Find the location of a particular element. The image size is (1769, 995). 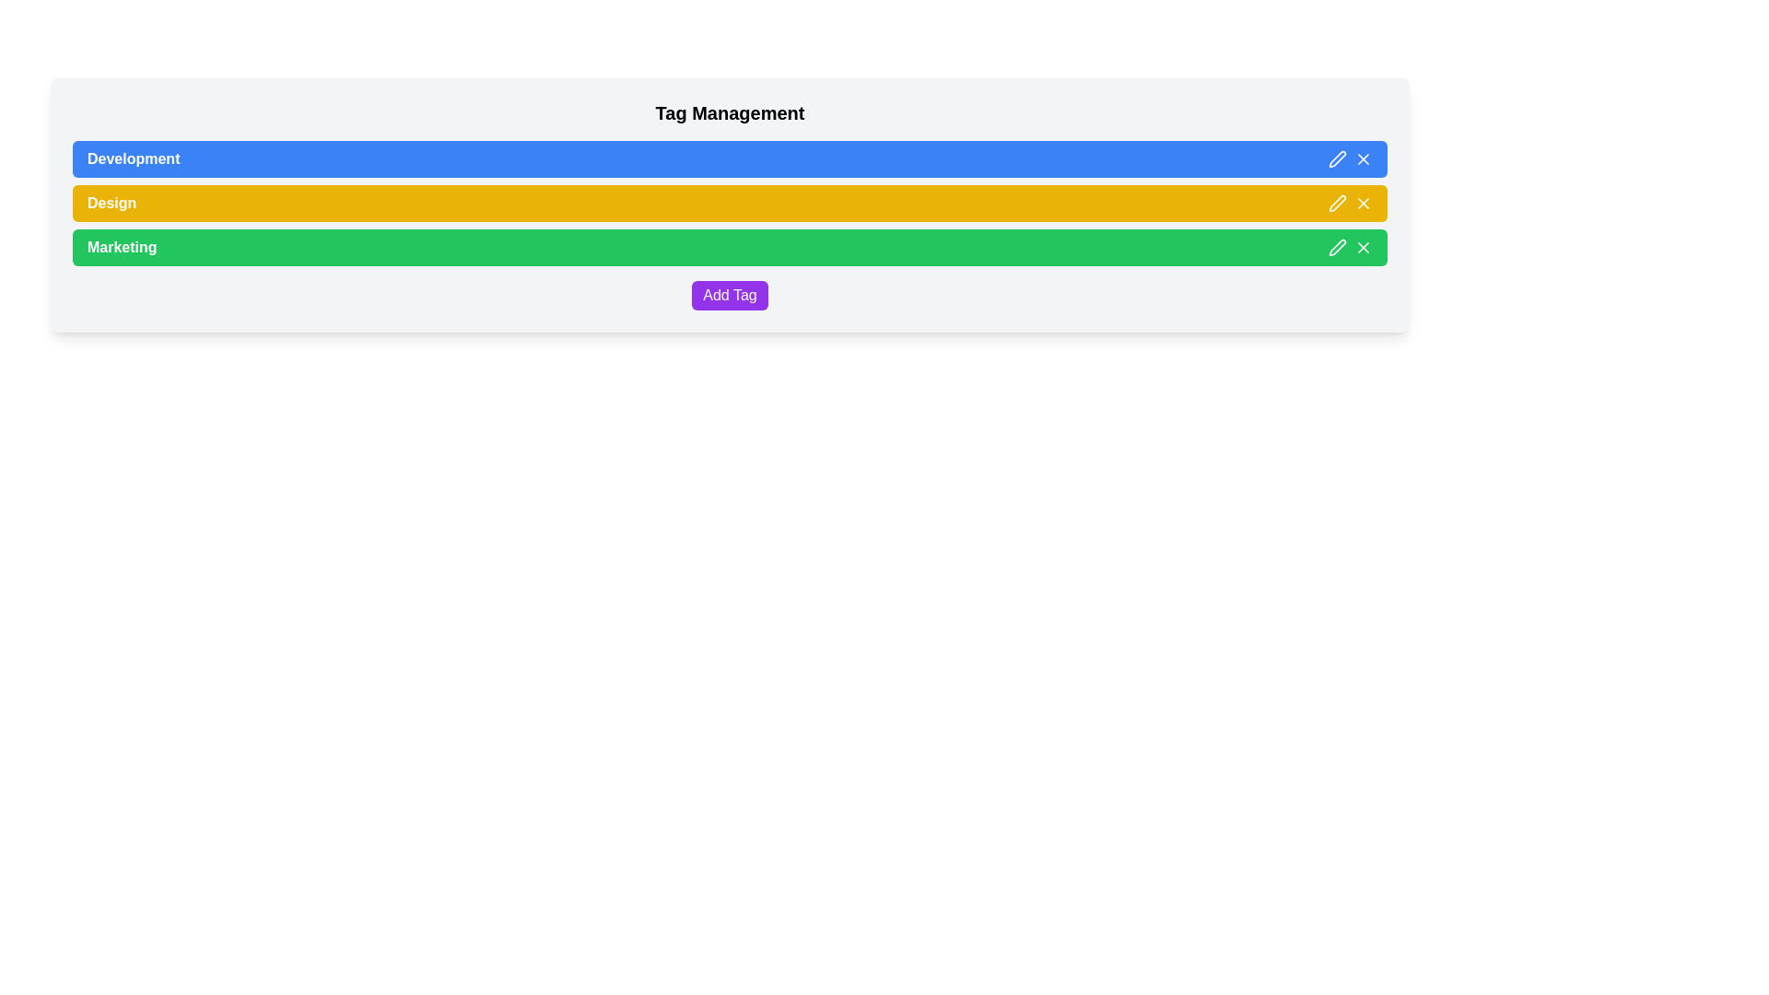

the close button represented by a white 'X' symbol on a blue background located at the top right corner of the 'Development' list item is located at coordinates (1363, 158).